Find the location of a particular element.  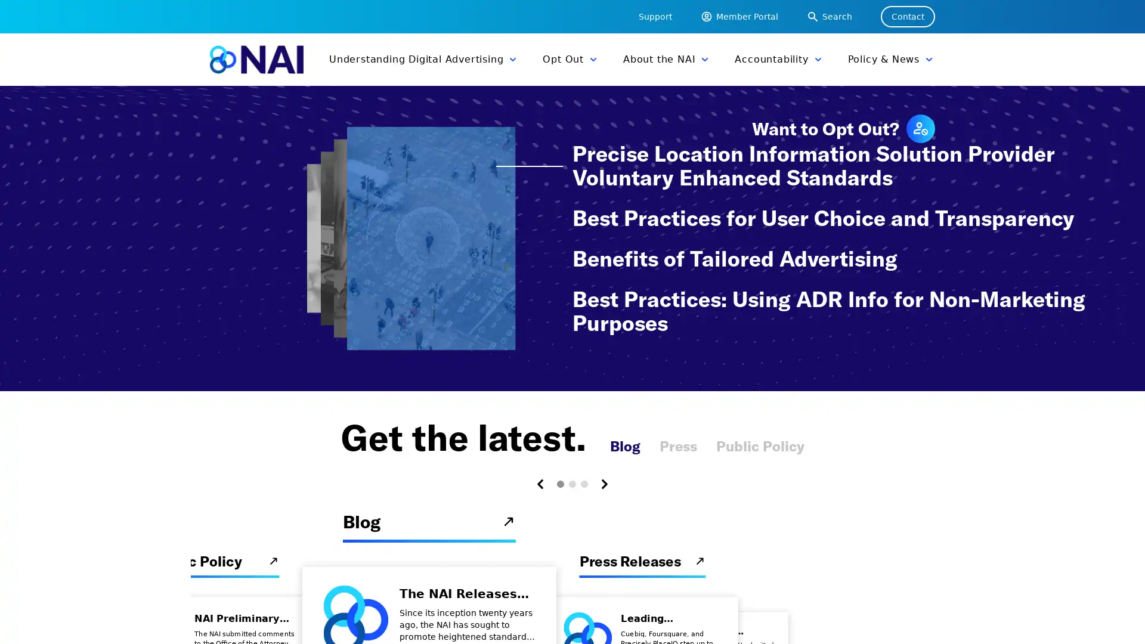

Carousel Page 2 is located at coordinates (572, 484).